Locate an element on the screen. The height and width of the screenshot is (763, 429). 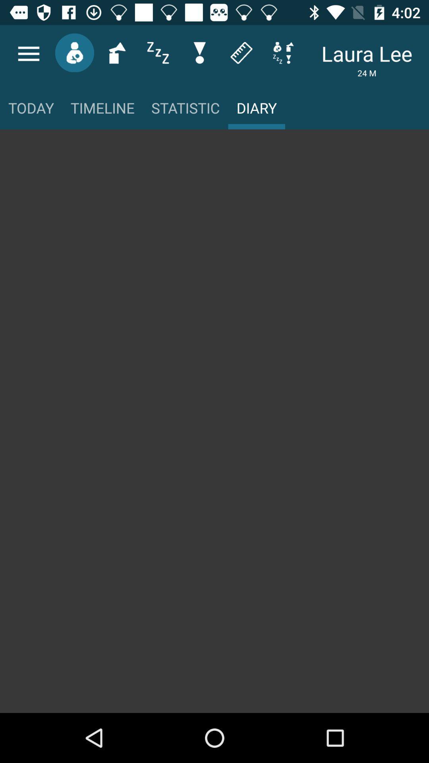
the label icon is located at coordinates (241, 52).